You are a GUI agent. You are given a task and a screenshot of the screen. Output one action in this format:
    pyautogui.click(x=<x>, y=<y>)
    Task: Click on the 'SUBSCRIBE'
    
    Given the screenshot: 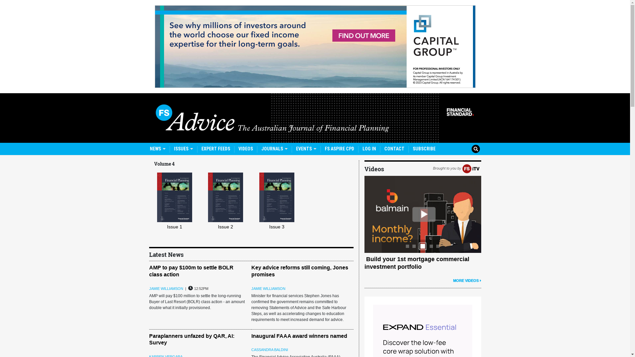 What is the action you would take?
    pyautogui.click(x=412, y=149)
    